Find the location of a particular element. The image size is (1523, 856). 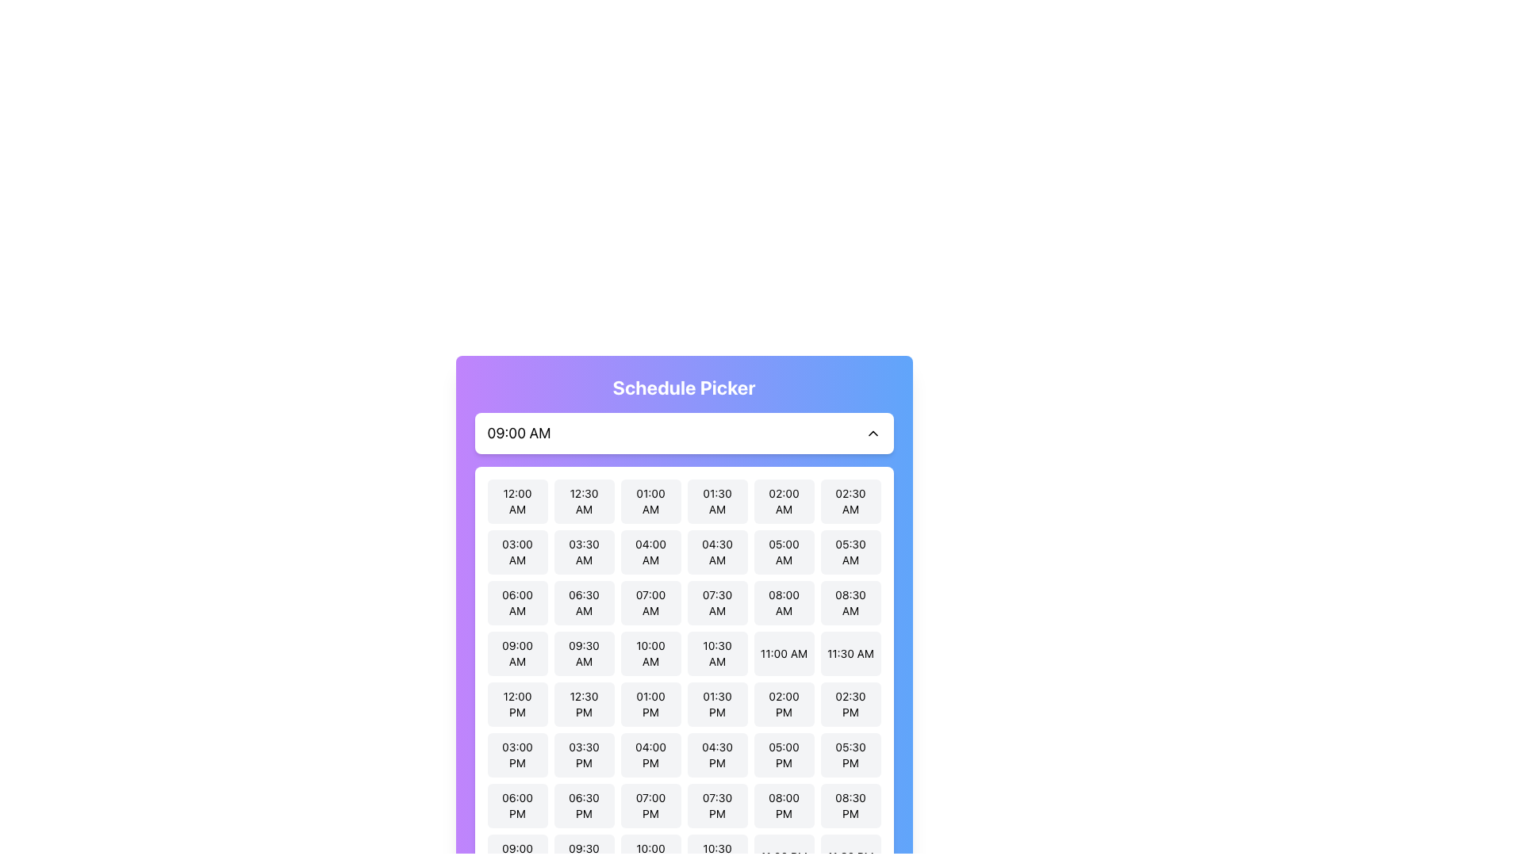

the '11:30 AM' selectable time slot button is located at coordinates (850, 654).